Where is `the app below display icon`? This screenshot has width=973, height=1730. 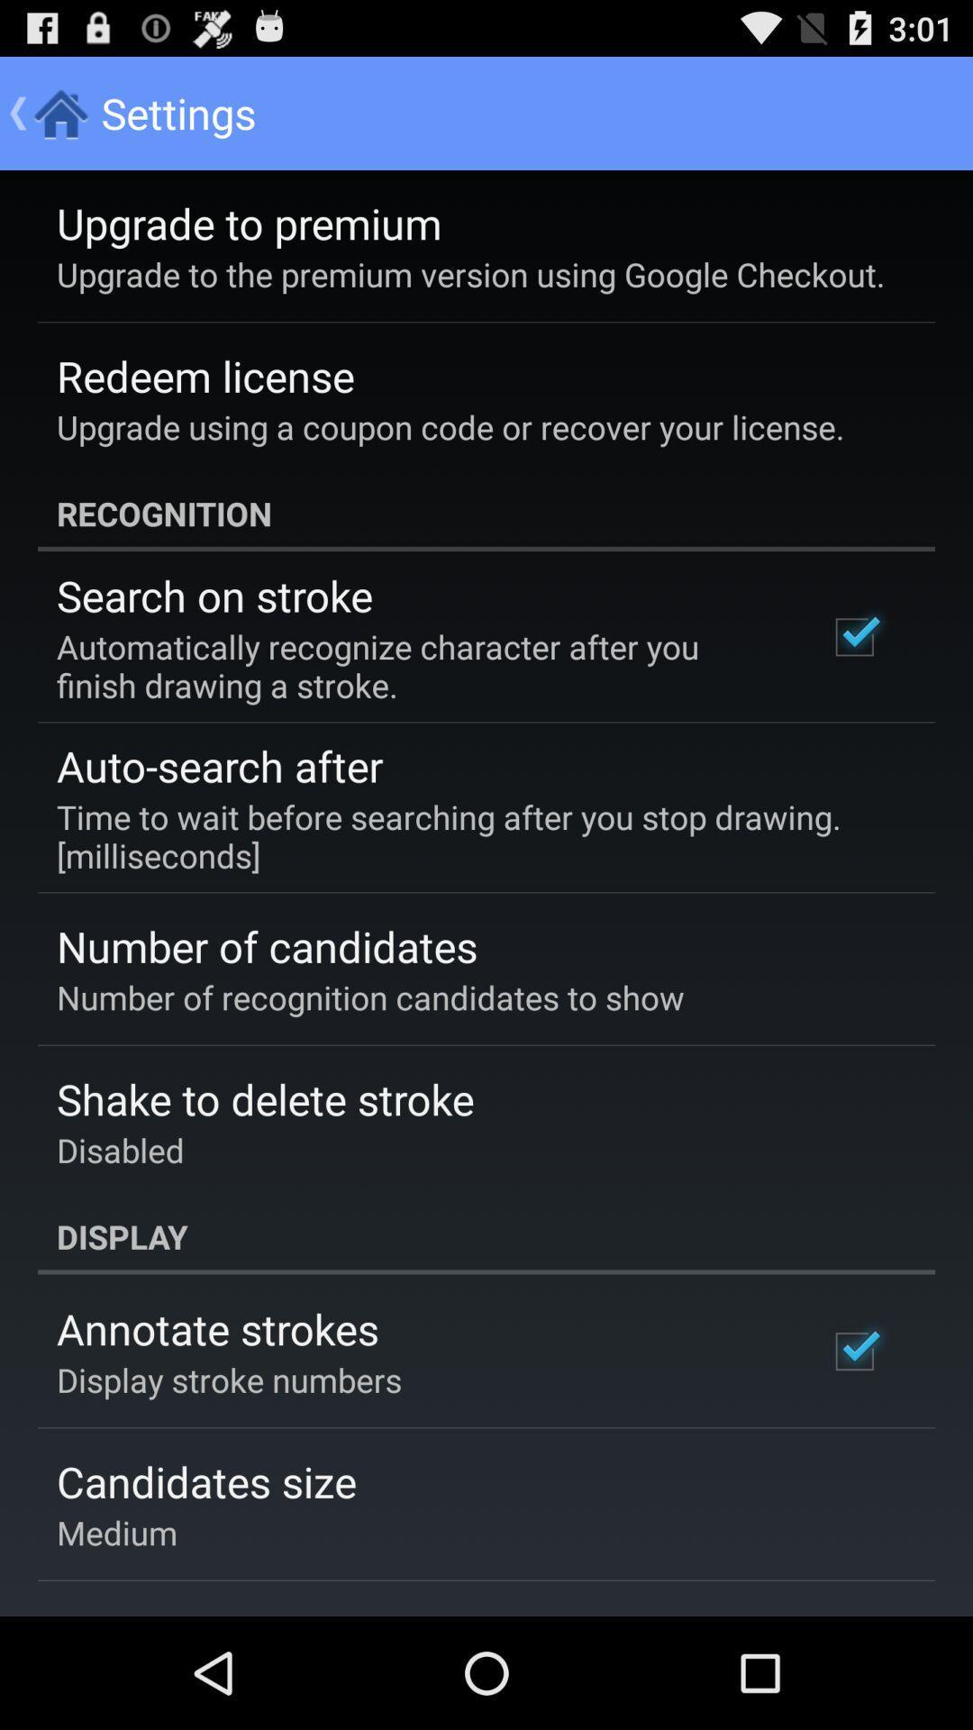
the app below display icon is located at coordinates (216, 1328).